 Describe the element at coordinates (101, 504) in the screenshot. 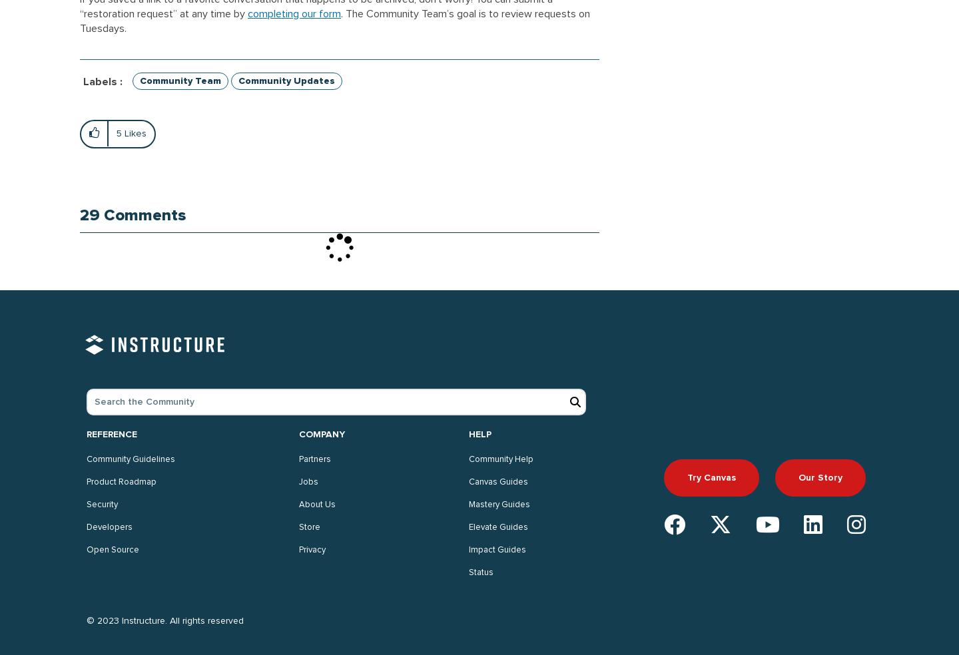

I see `'Security'` at that location.